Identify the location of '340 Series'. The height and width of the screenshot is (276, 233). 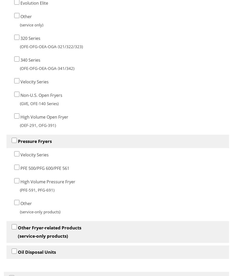
(30, 60).